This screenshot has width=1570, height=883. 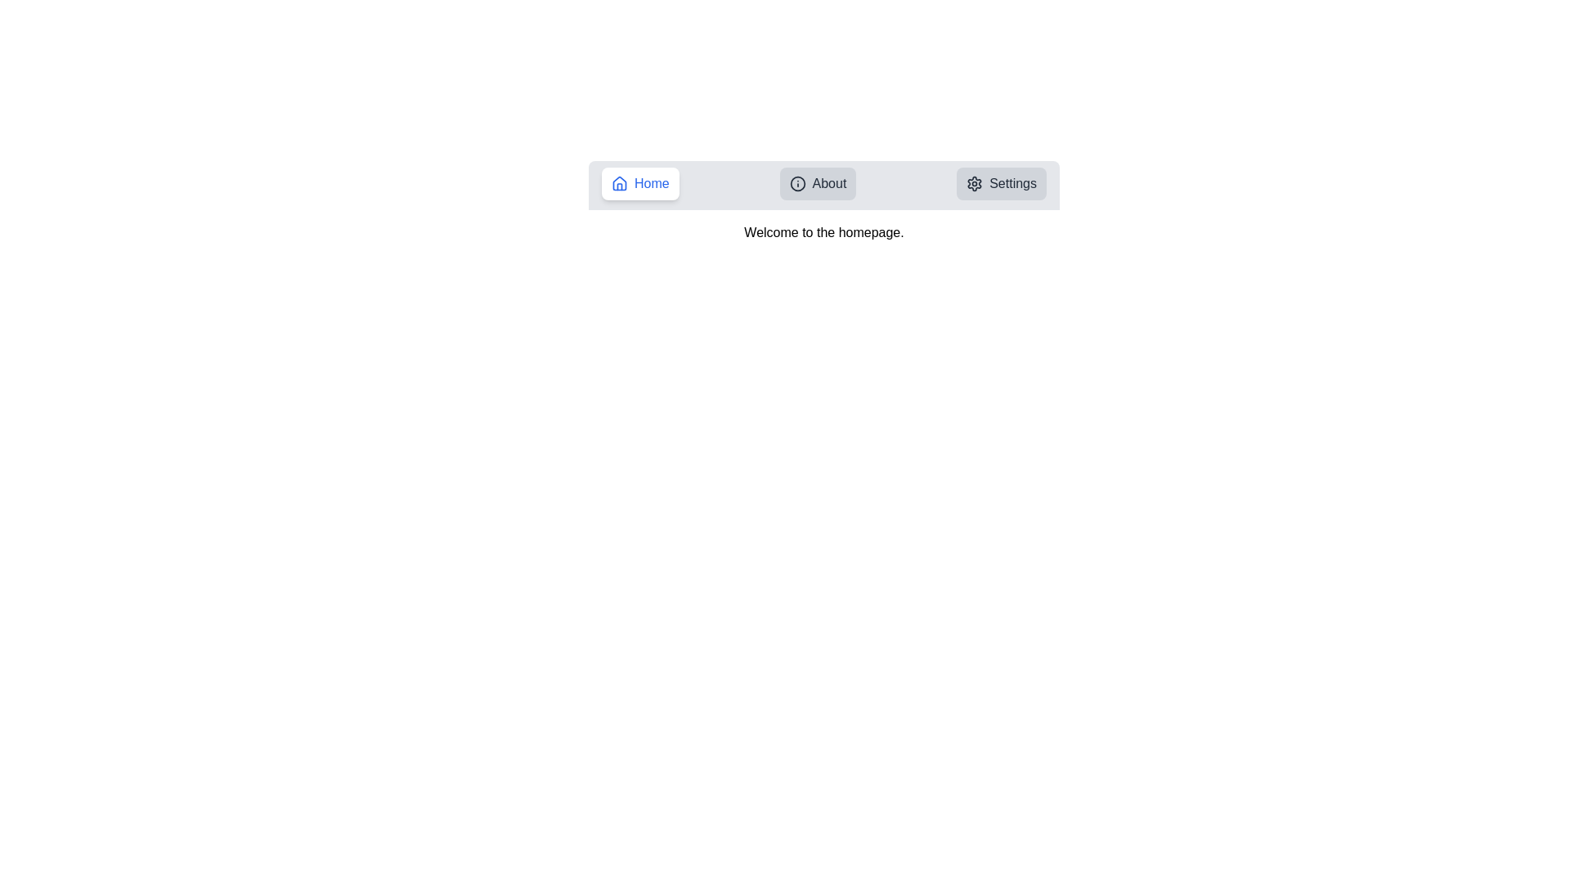 I want to click on the tab labeled Home, so click(x=639, y=183).